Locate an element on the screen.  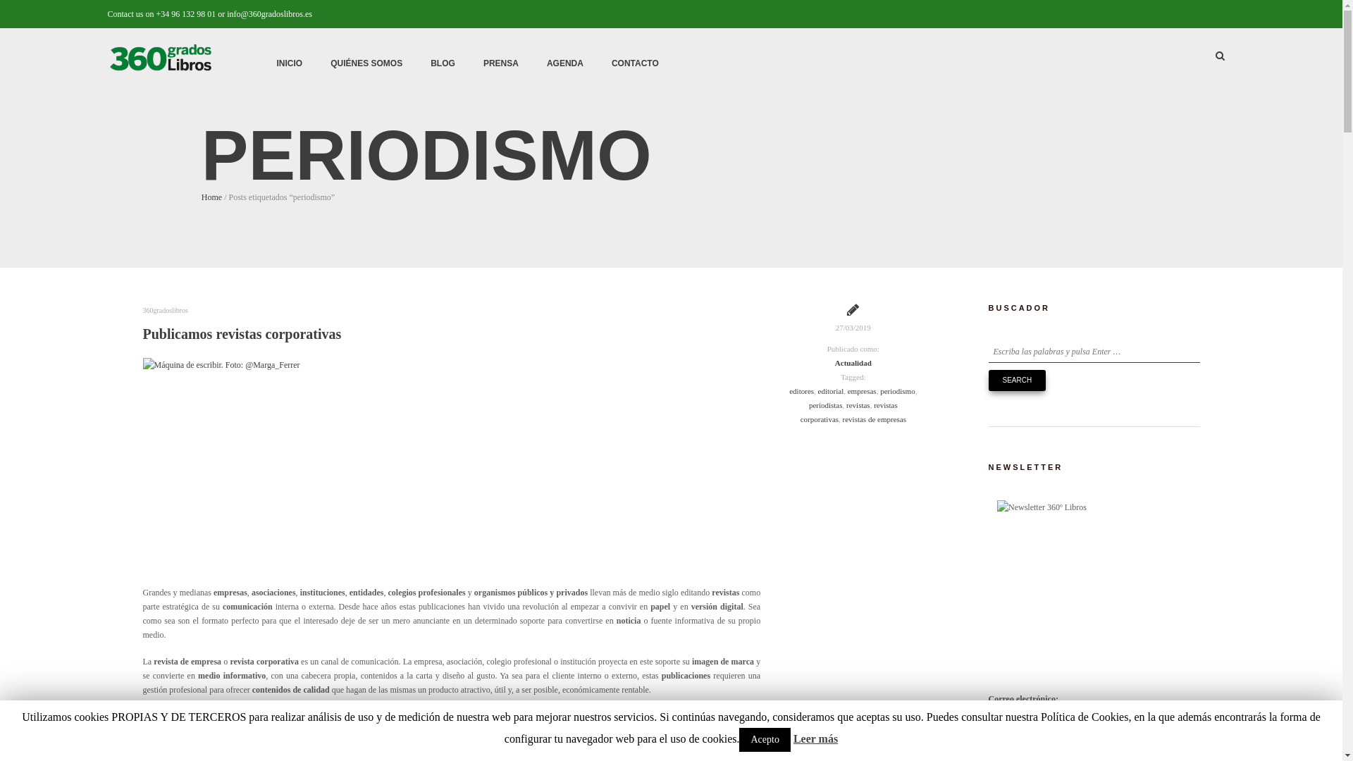
'Home' is located at coordinates (211, 197).